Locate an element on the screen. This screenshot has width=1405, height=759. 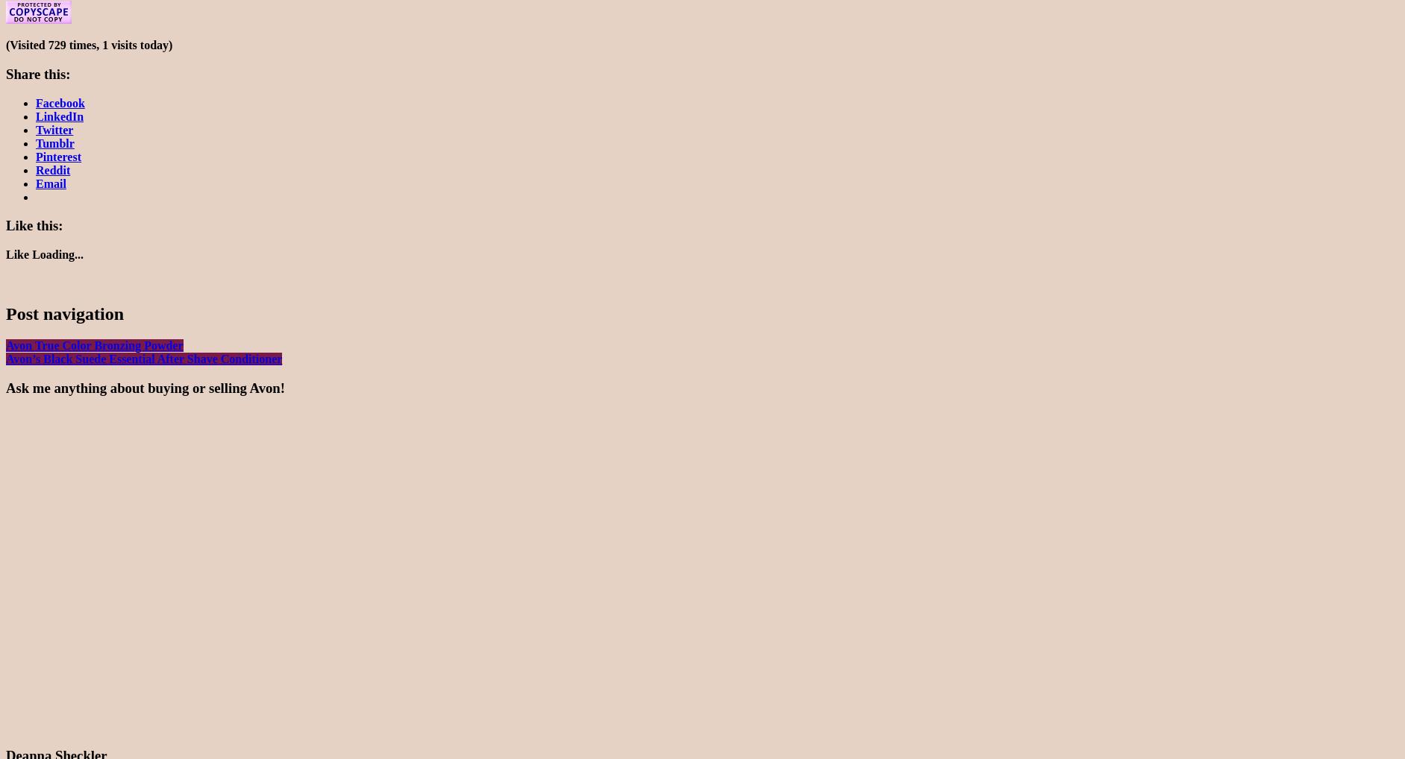
'Ask me anything about buying or selling Avon!' is located at coordinates (145, 386).